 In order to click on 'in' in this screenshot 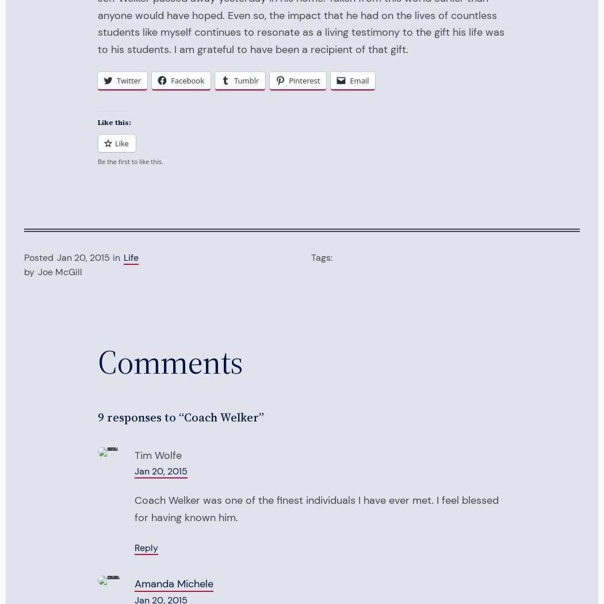, I will do `click(116, 257)`.